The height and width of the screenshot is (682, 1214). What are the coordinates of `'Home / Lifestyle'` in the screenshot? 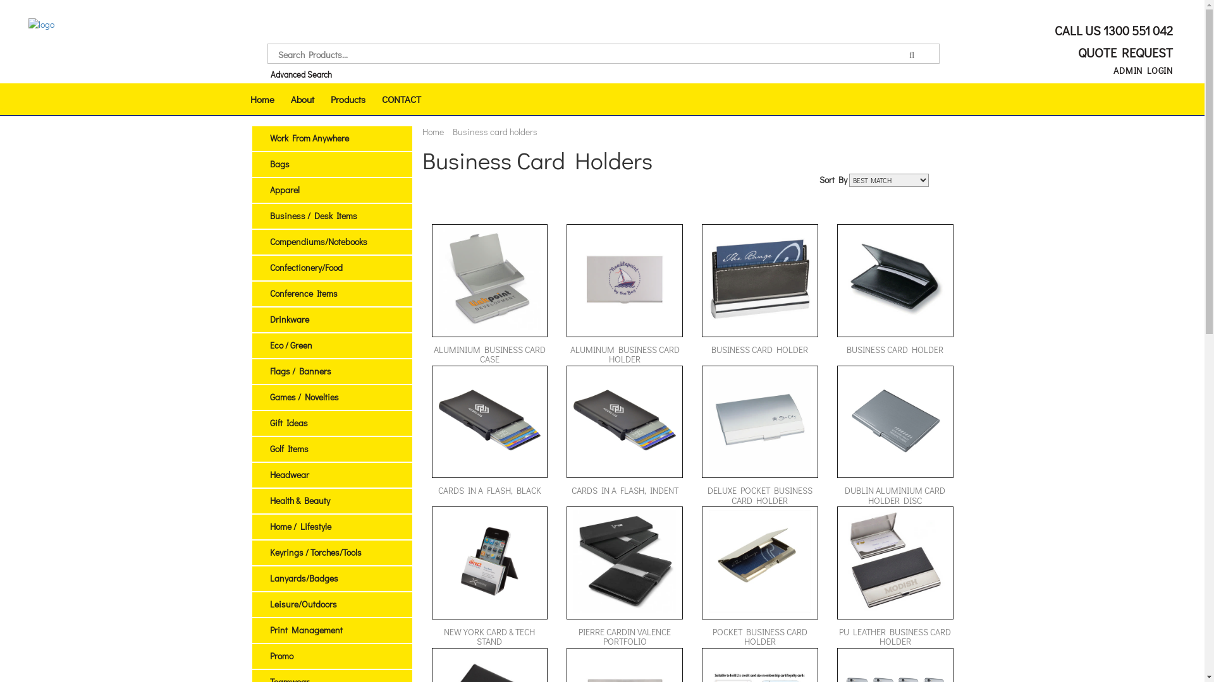 It's located at (299, 526).